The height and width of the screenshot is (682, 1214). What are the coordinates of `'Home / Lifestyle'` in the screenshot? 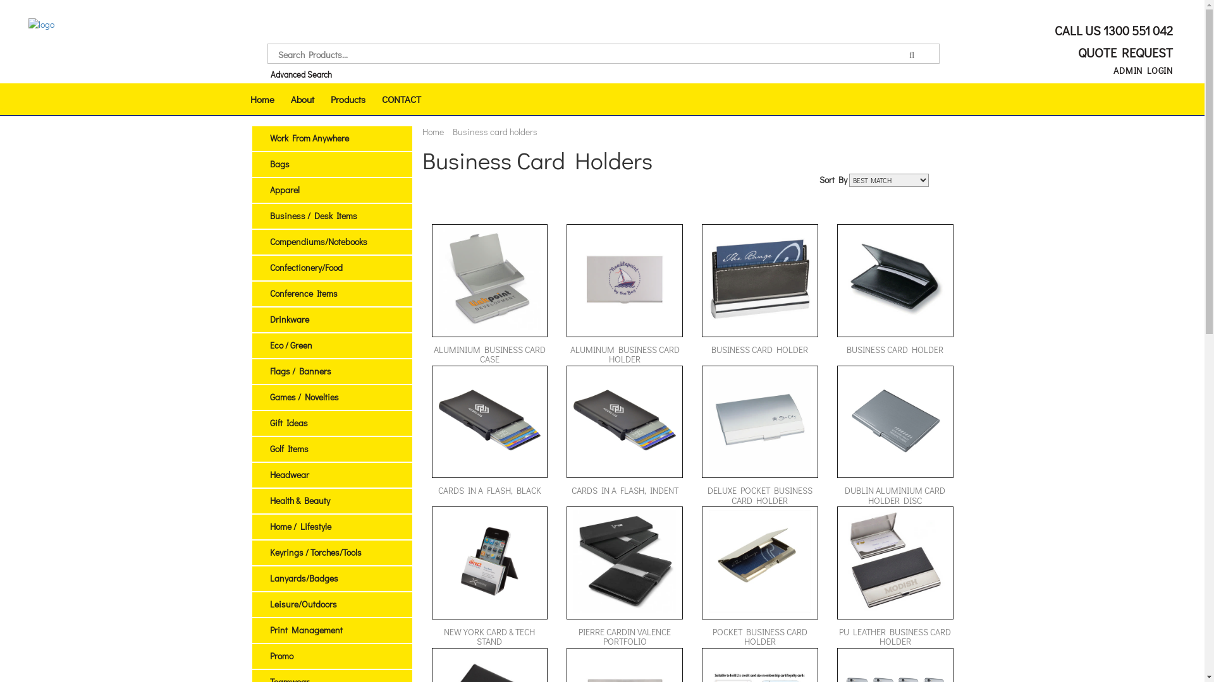 It's located at (299, 526).